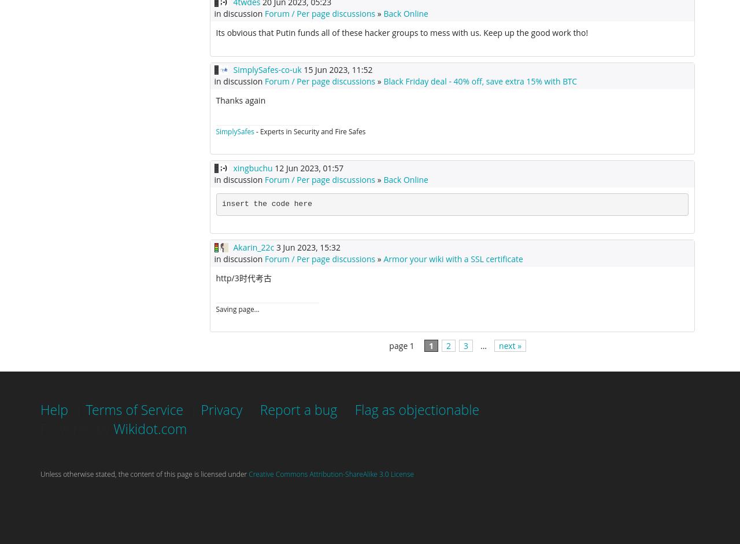 The width and height of the screenshot is (740, 544). What do you see at coordinates (215, 100) in the screenshot?
I see `'Thanks again'` at bounding box center [215, 100].